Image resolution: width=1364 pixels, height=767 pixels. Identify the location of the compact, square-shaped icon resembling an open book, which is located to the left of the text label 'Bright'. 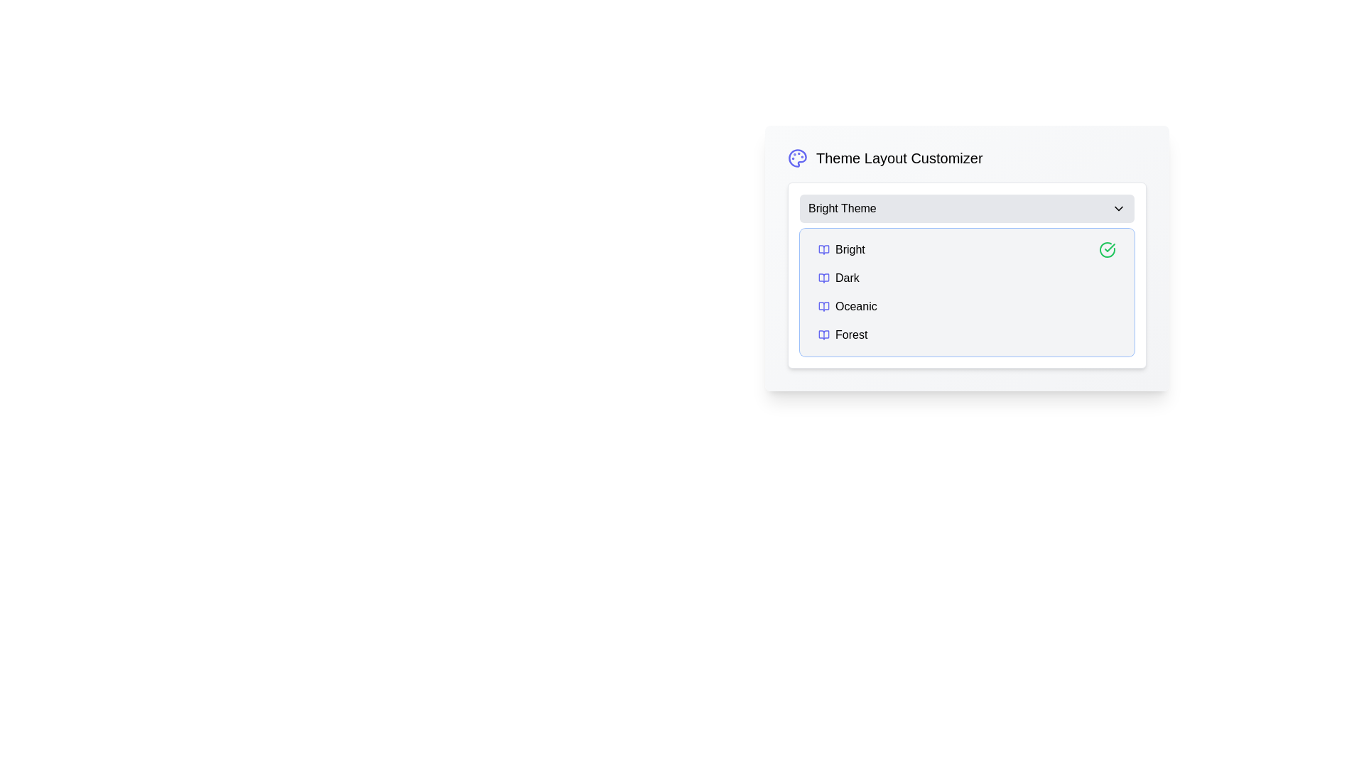
(824, 249).